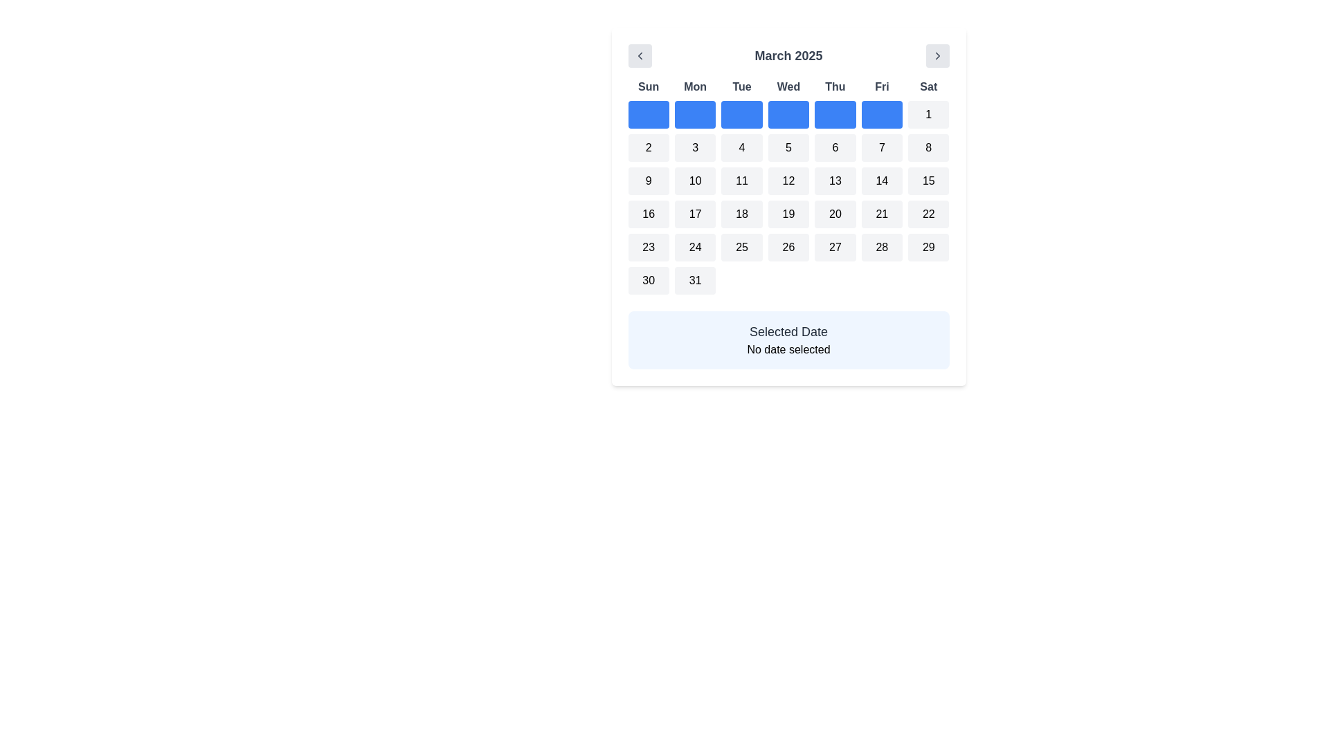 The width and height of the screenshot is (1329, 747). I want to click on the Interactive calendar day button representing the 13th day of March 2025, so click(834, 181).